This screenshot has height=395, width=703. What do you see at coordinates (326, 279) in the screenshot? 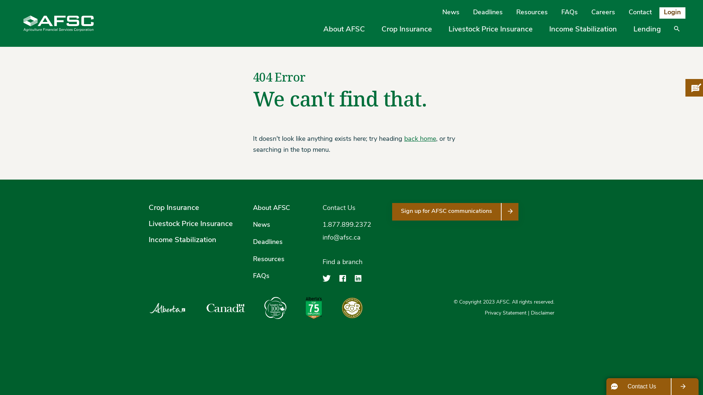
I see `'Agriculture Financial Services Corporation on Twitter'` at bounding box center [326, 279].